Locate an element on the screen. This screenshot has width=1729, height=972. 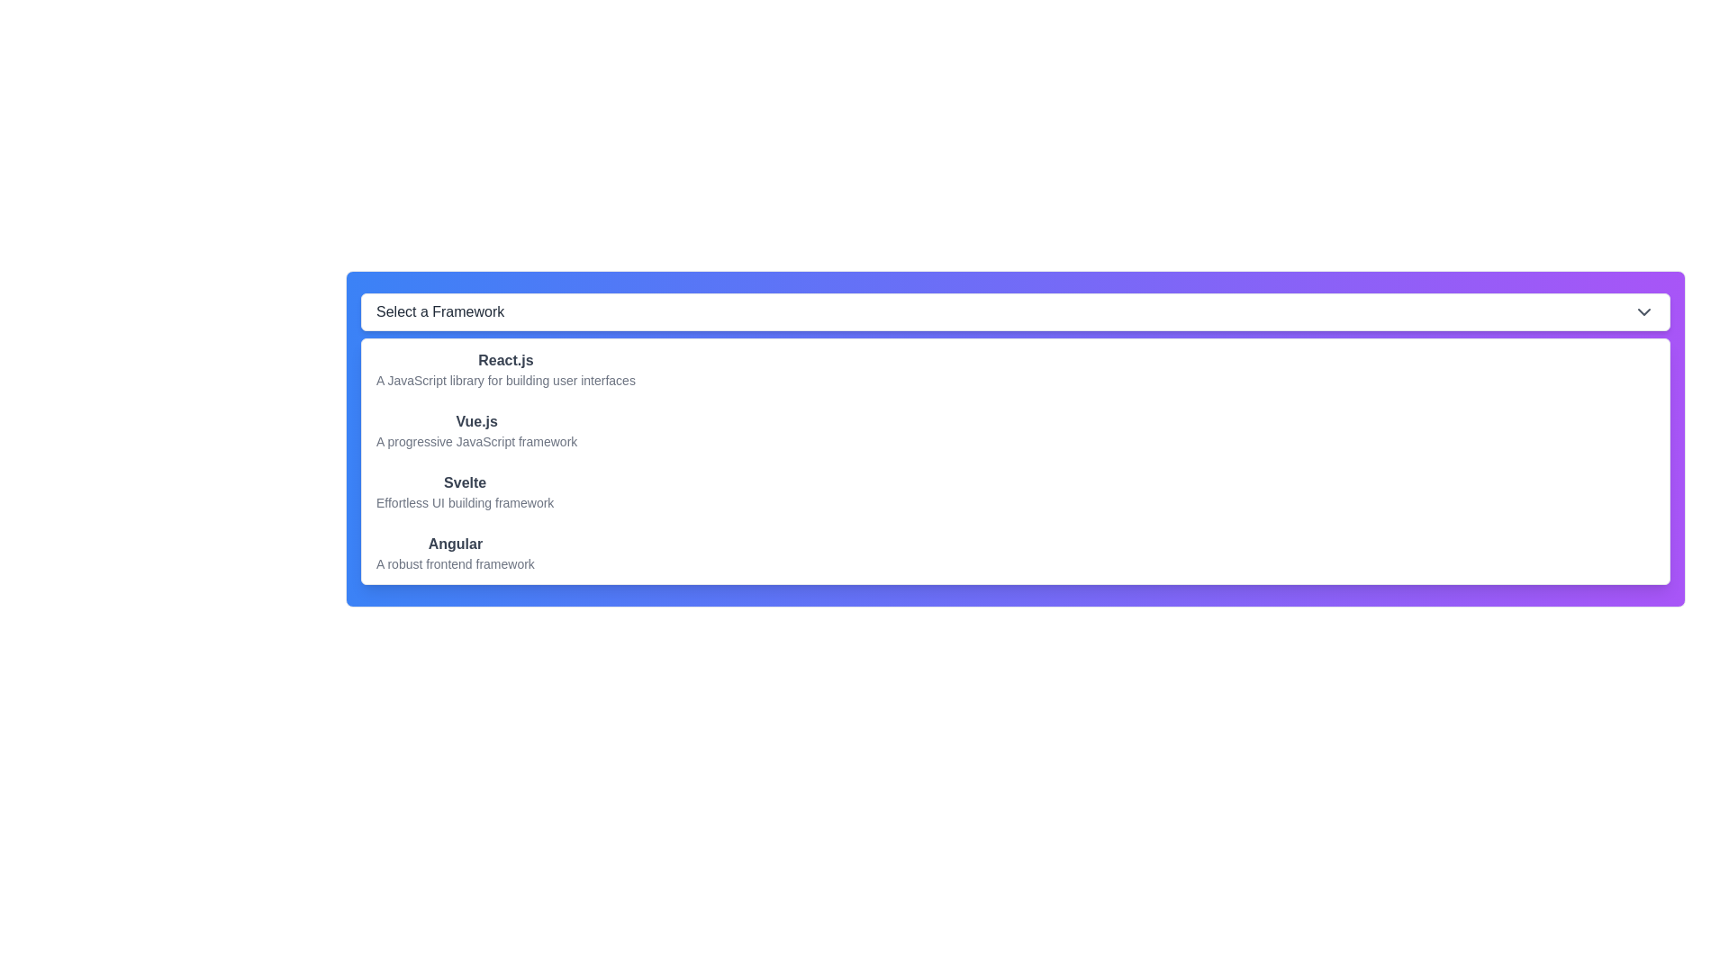
the text label that serves as the title for the selectable framework within the dropdown menu, located in the second option row underneath 'React.js' is located at coordinates (476, 422).